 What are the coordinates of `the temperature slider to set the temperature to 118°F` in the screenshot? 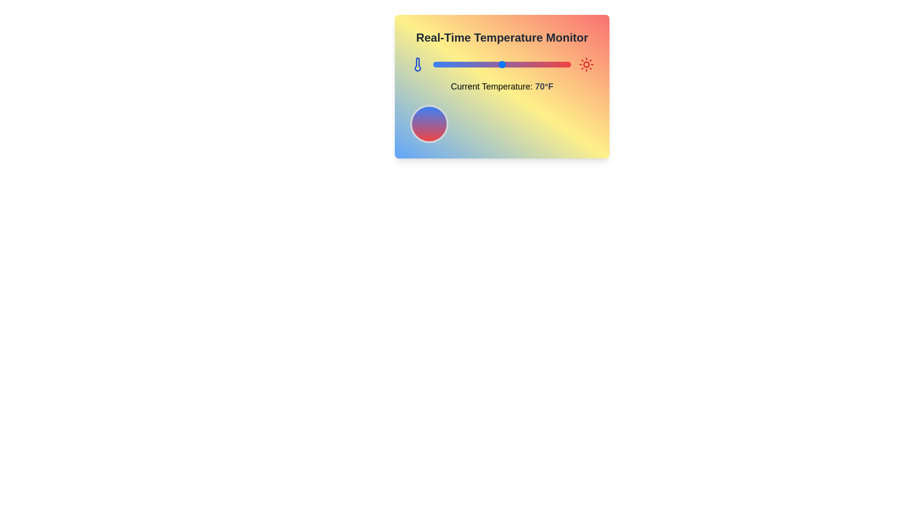 It's located at (568, 65).